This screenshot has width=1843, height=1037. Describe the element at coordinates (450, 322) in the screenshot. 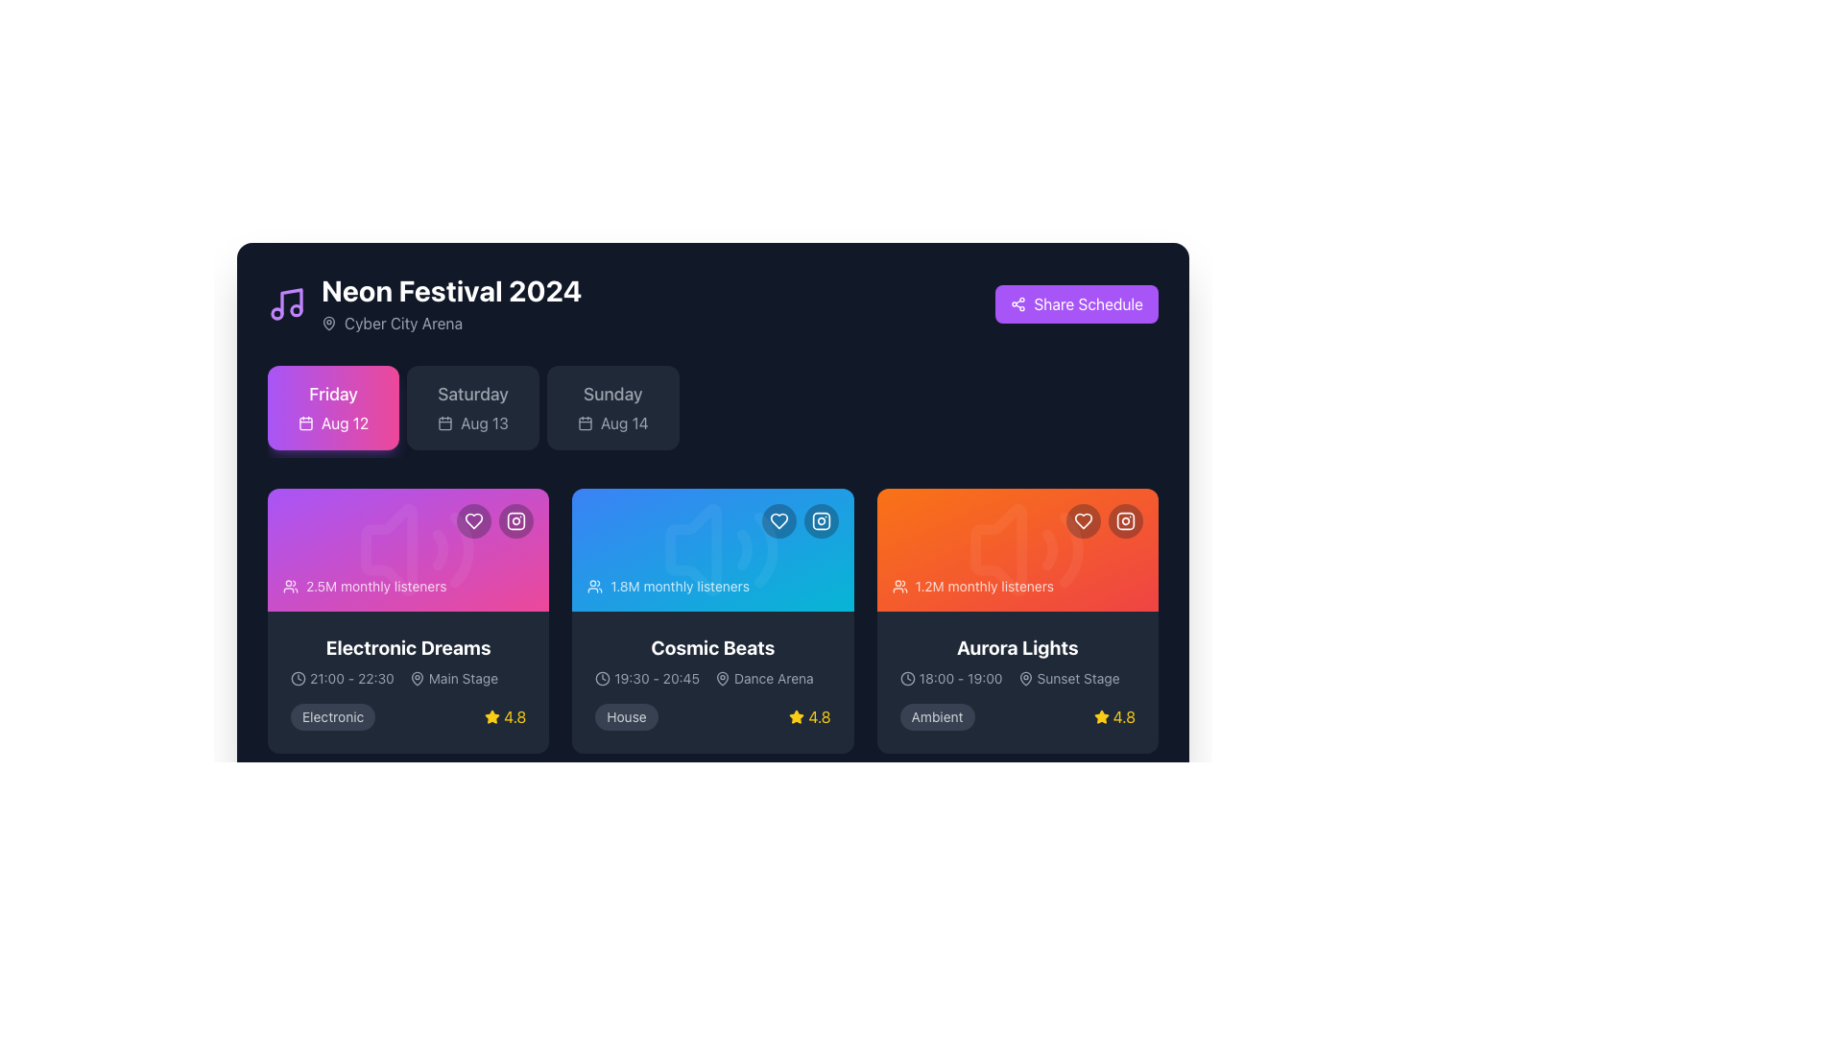

I see `the static text element indicating 'Cyber City Arena', which is located below the 'Neon Festival 2024' header` at that location.